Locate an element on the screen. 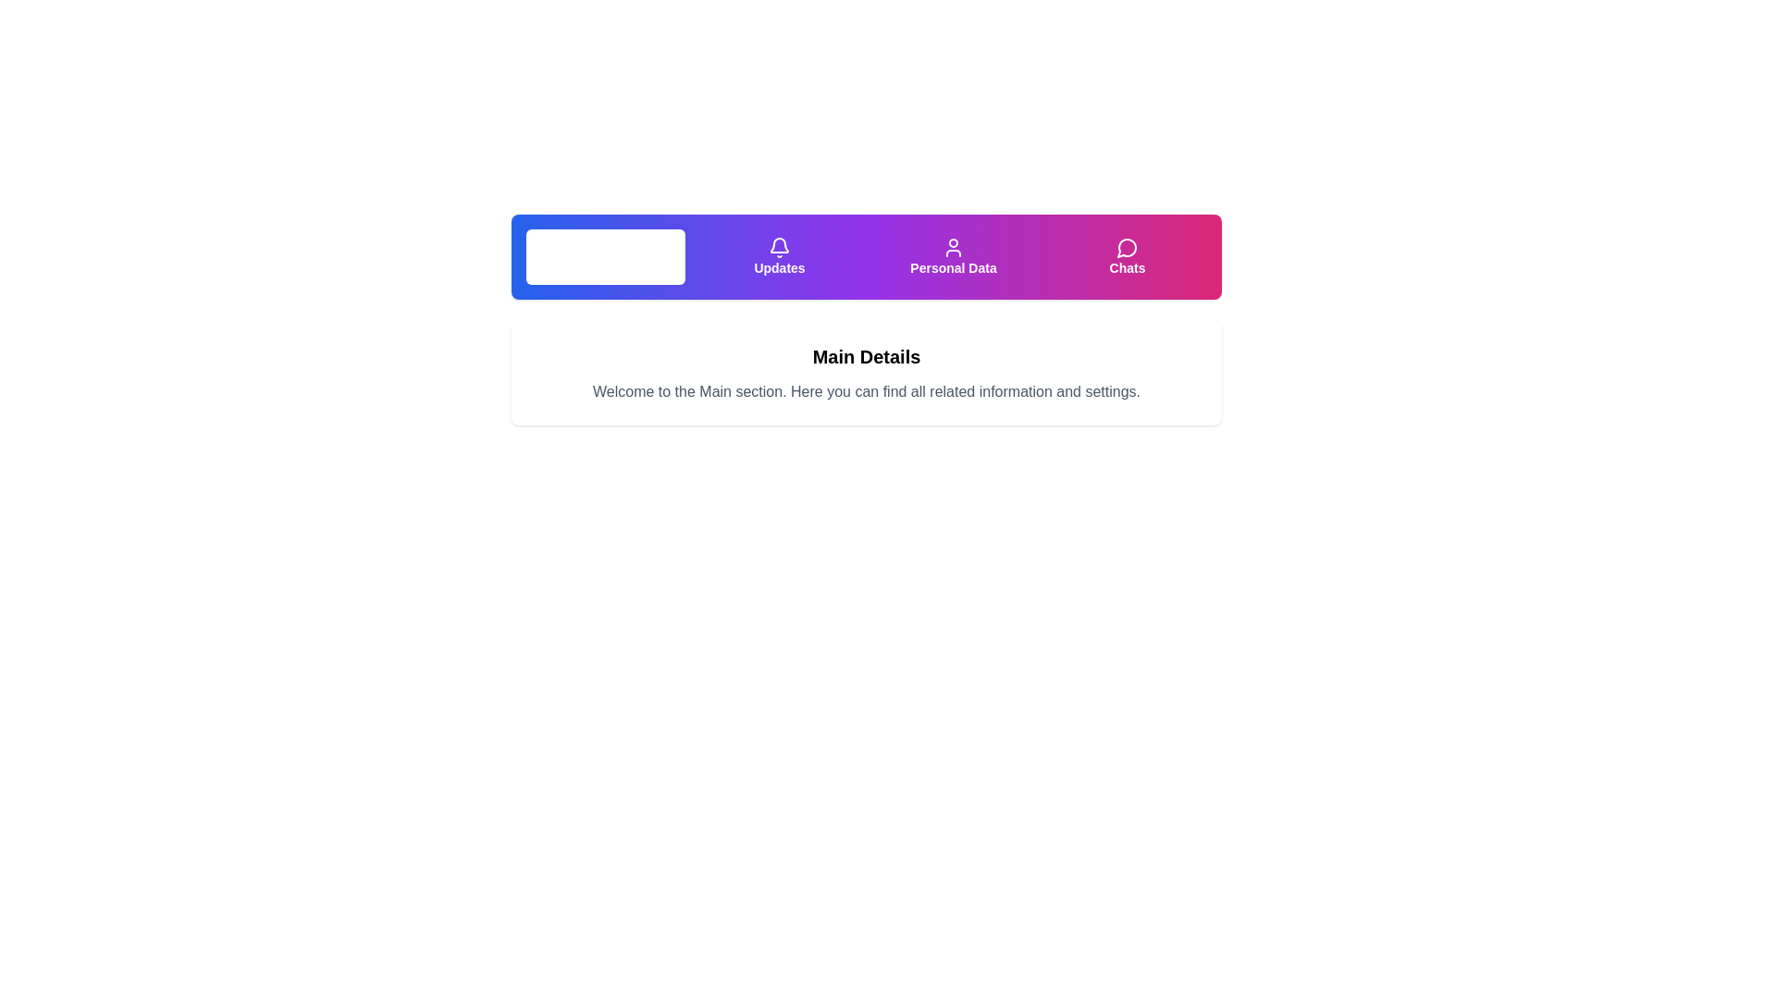  the text label displaying 'Updates' located beneath the bell icon in the top navigation bar is located at coordinates (780, 267).